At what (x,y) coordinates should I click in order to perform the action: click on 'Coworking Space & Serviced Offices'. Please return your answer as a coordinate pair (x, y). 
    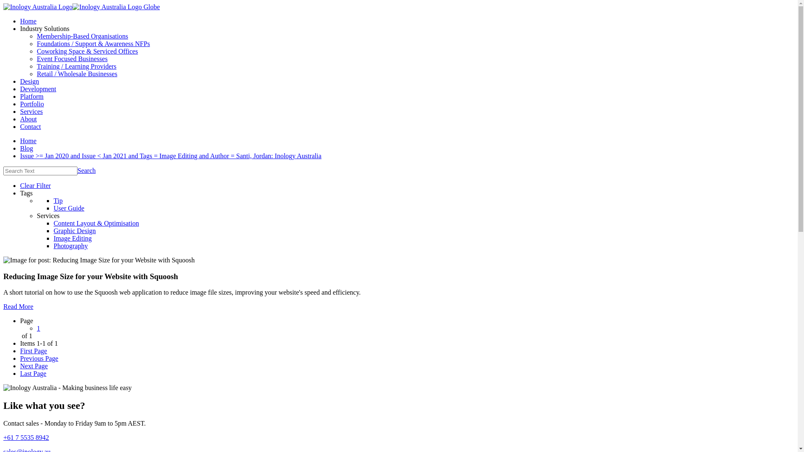
    Looking at the image, I should click on (87, 51).